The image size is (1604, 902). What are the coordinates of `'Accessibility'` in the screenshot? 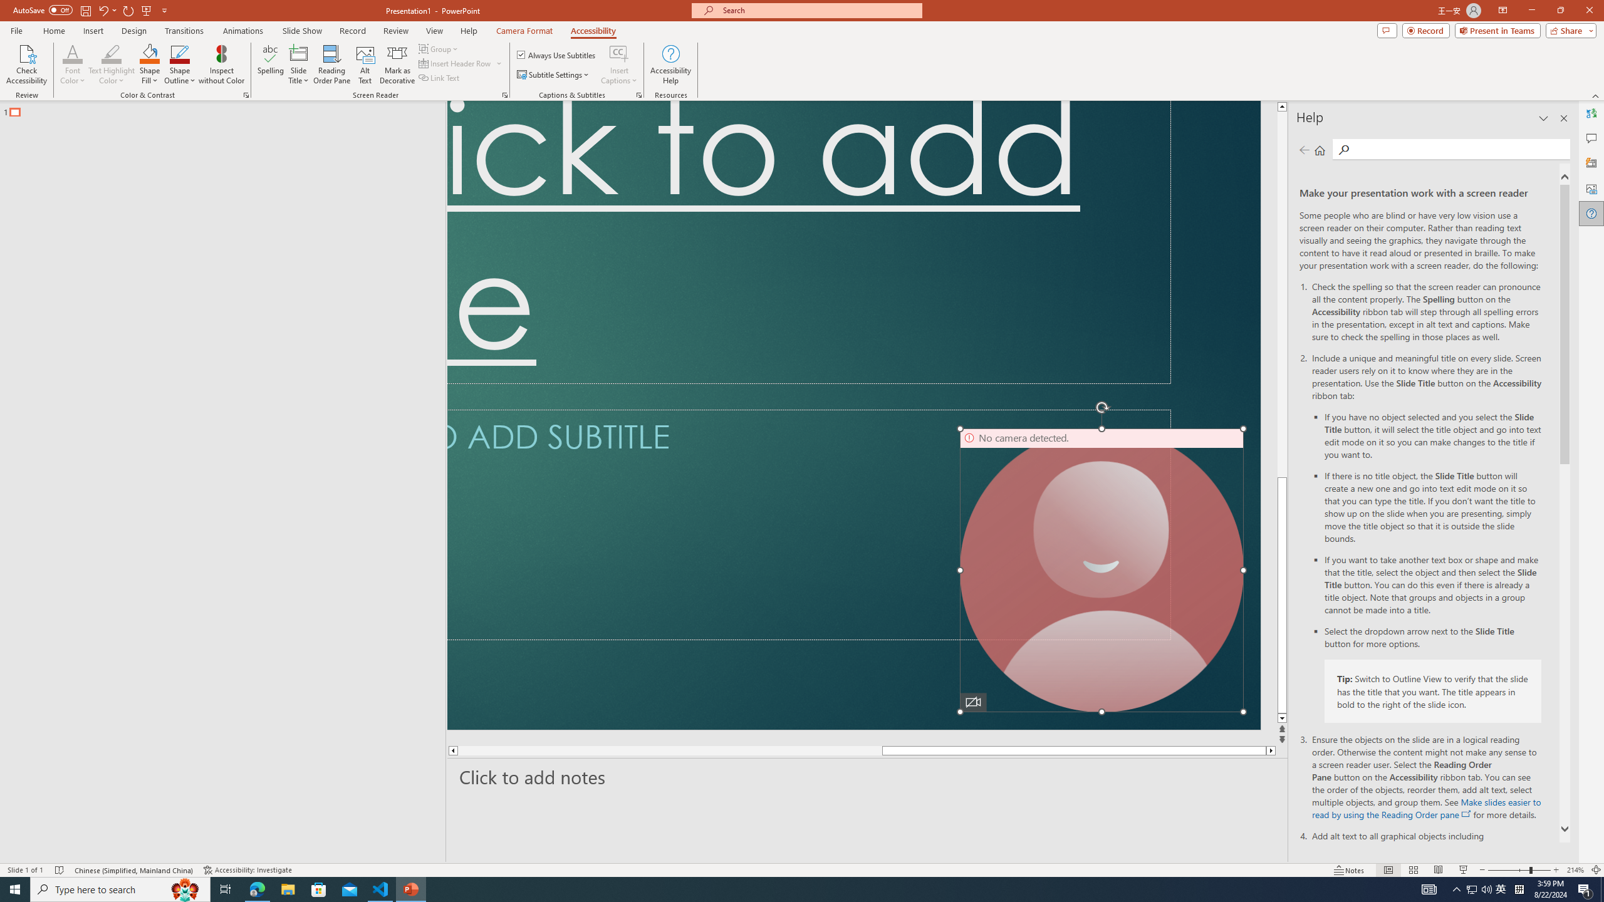 It's located at (593, 31).